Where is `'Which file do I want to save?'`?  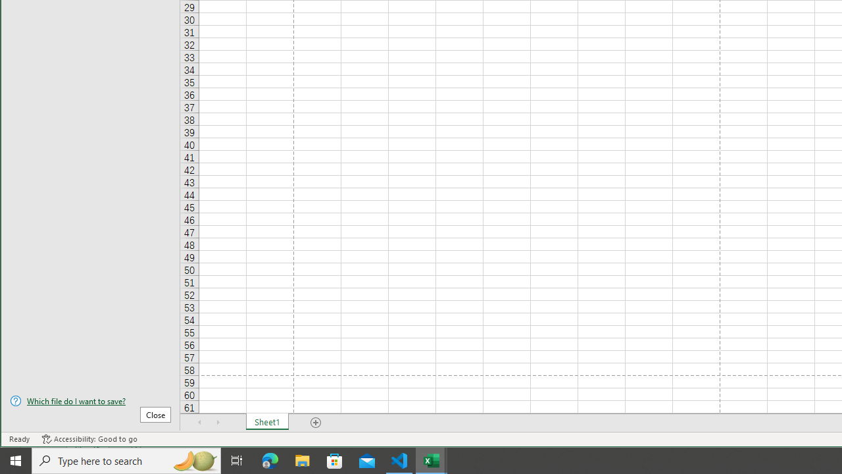
'Which file do I want to save?' is located at coordinates (89, 400).